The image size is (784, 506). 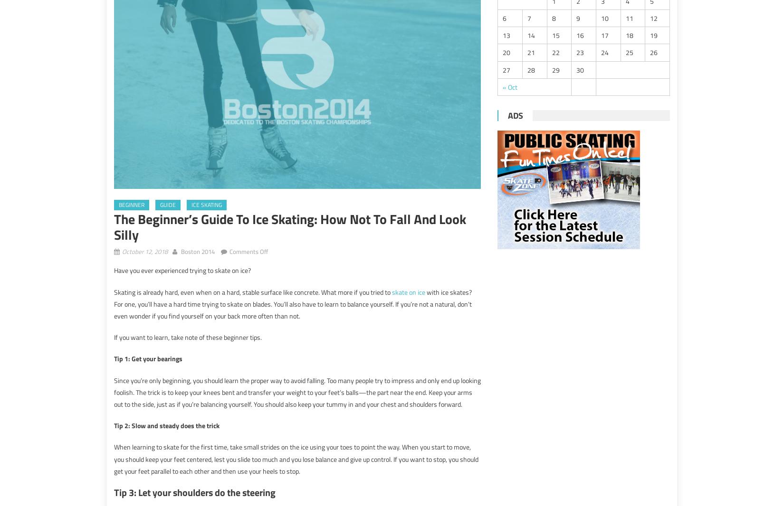 I want to click on 'beginner', so click(x=132, y=205).